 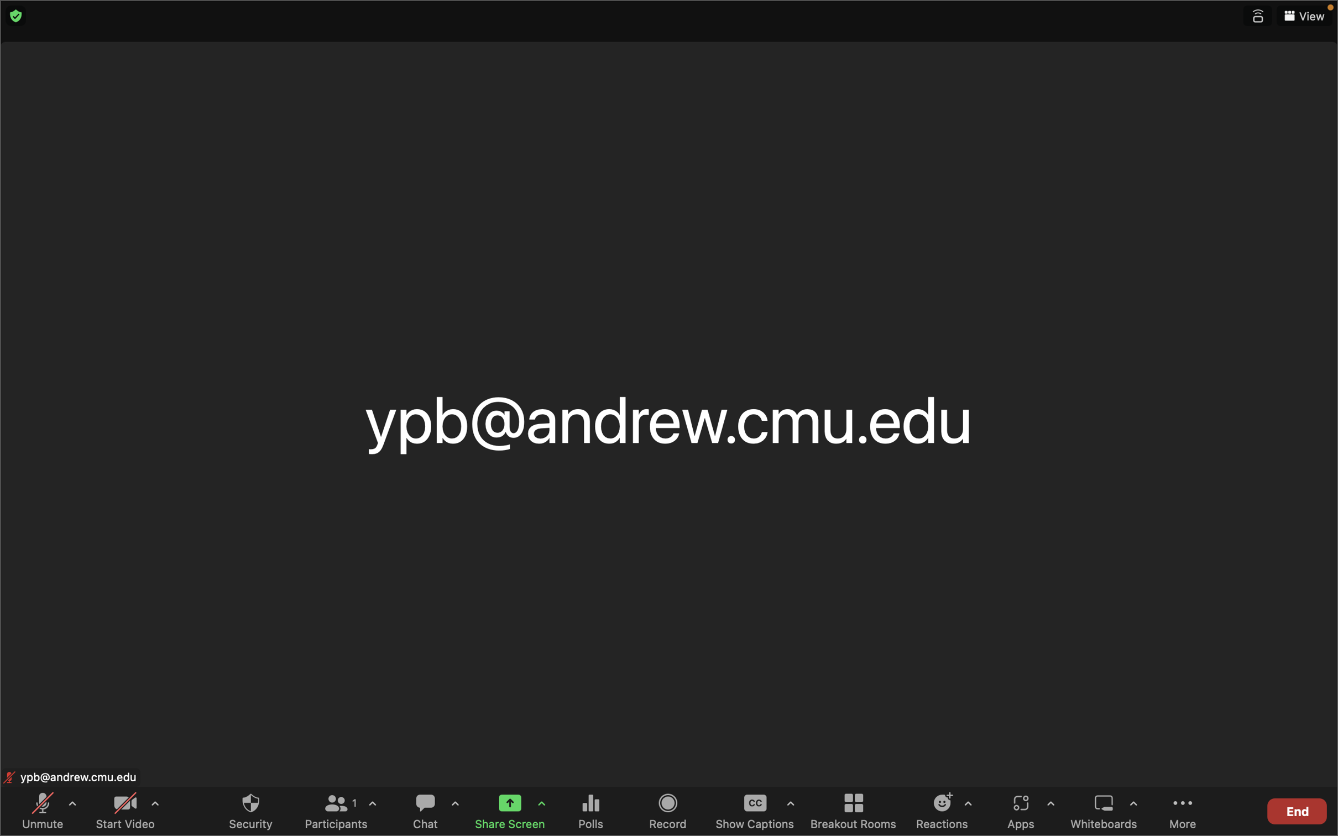 What do you see at coordinates (506, 809) in the screenshot?
I see `Display your desktop on screen` at bounding box center [506, 809].